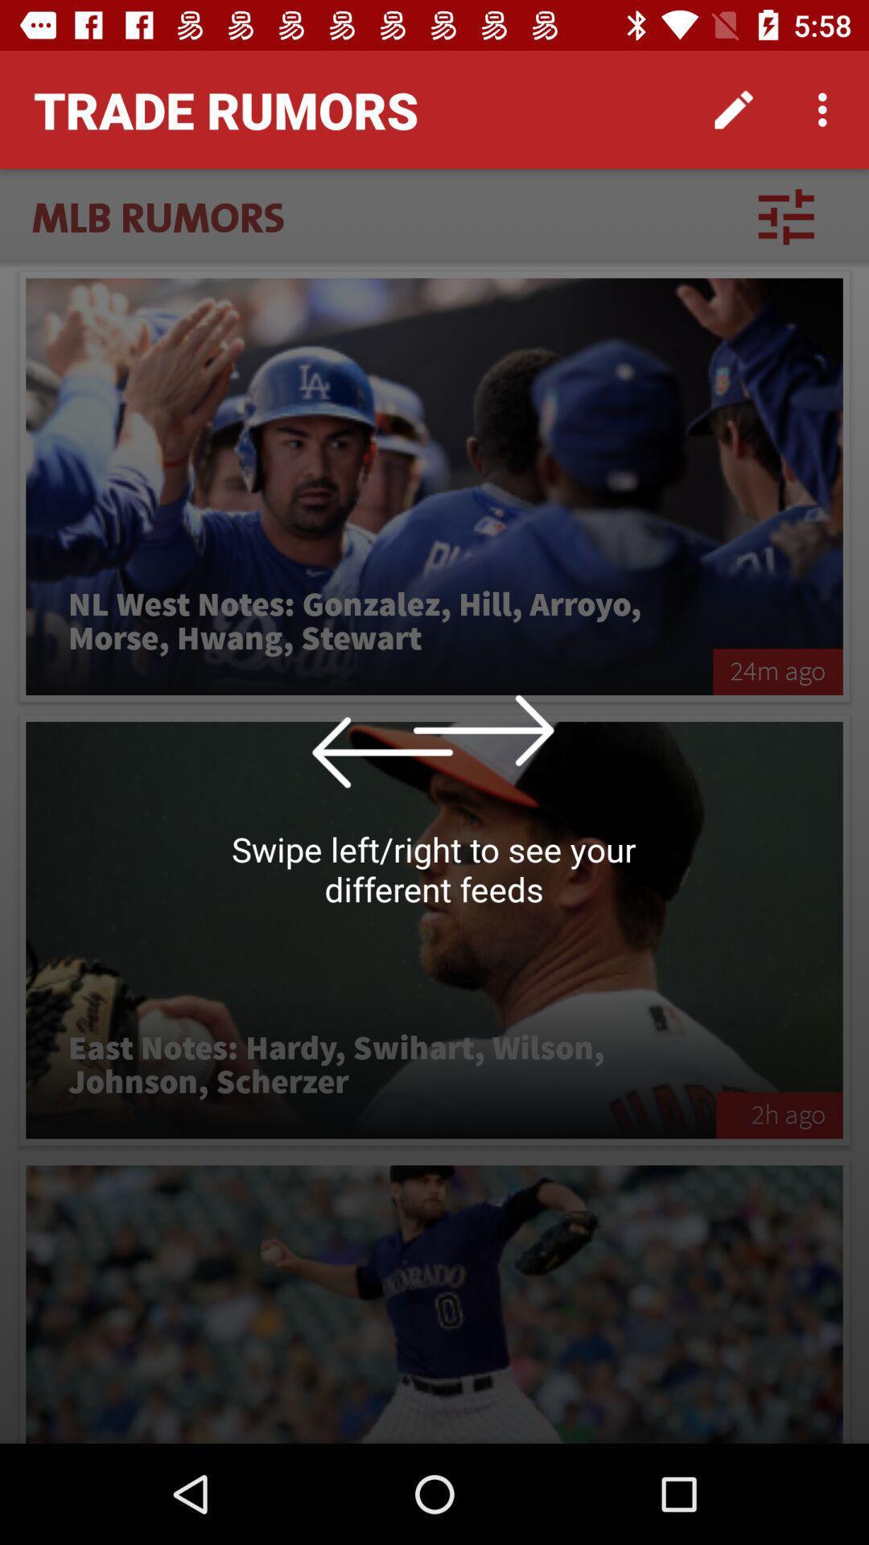 The height and width of the screenshot is (1545, 869). What do you see at coordinates (778, 1114) in the screenshot?
I see `the item to the right of east notes hardy` at bounding box center [778, 1114].